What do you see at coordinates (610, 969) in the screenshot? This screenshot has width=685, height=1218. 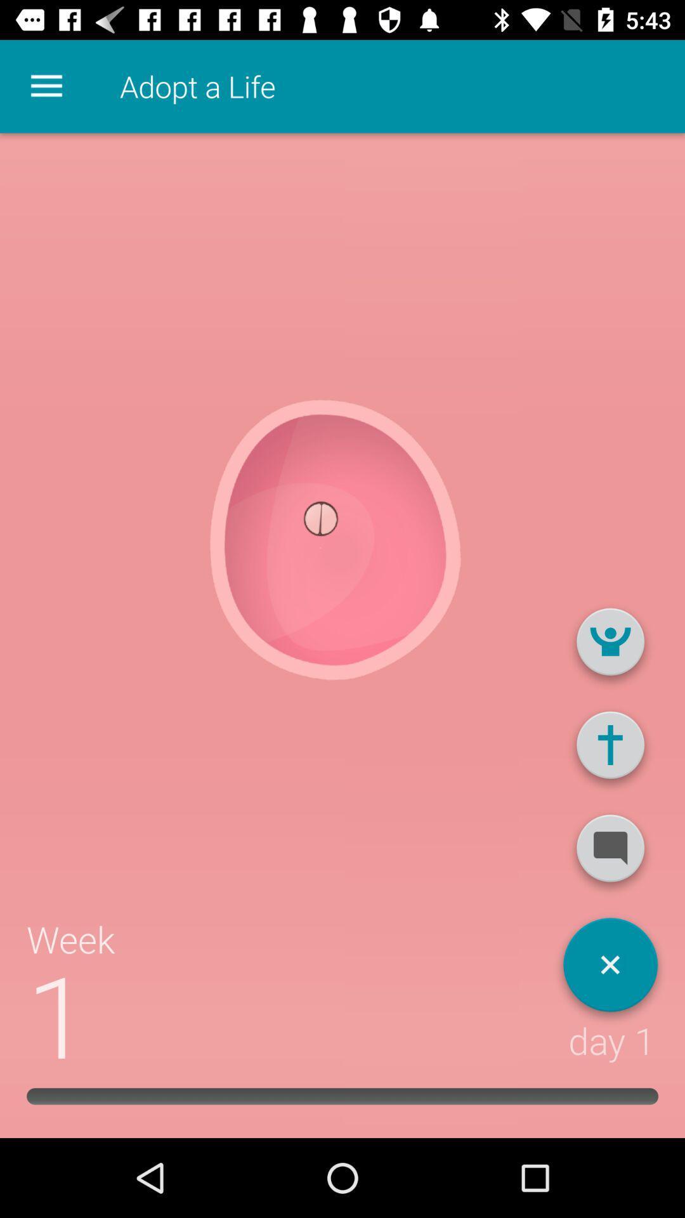 I see `the close icon` at bounding box center [610, 969].